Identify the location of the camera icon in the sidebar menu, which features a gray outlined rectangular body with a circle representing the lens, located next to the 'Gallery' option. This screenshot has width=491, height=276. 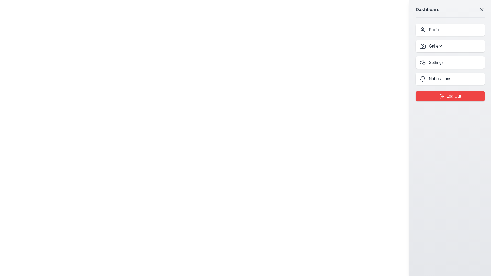
(422, 46).